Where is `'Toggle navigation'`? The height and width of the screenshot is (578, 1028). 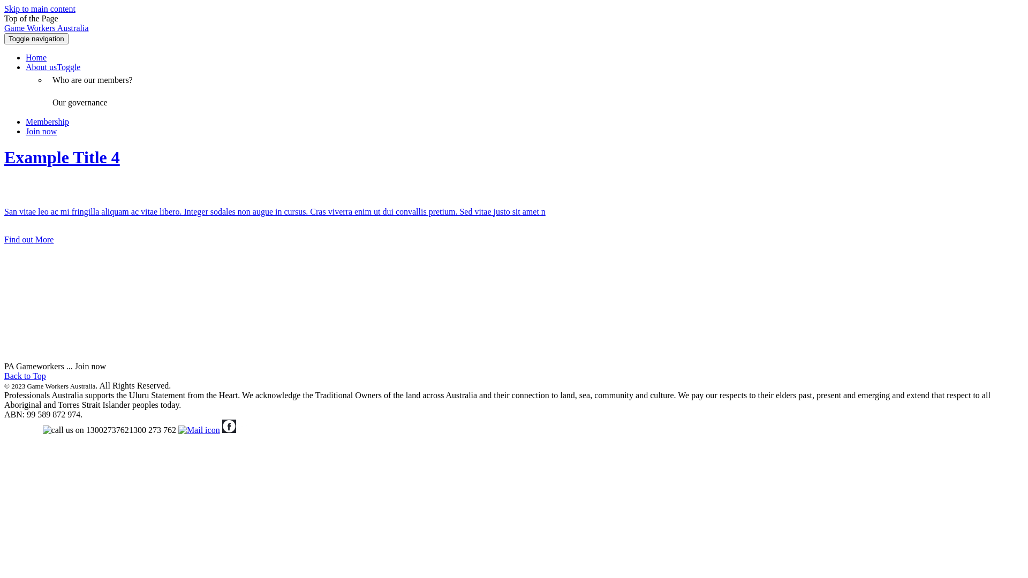 'Toggle navigation' is located at coordinates (36, 38).